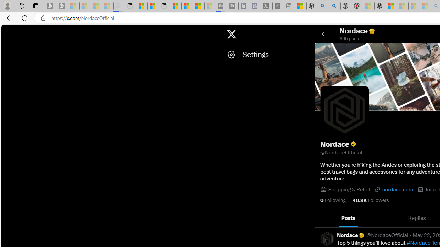 This screenshot has height=247, width=440. Describe the element at coordinates (344, 110) in the screenshot. I see `'Square profile picture and Opens profile photo'` at that location.